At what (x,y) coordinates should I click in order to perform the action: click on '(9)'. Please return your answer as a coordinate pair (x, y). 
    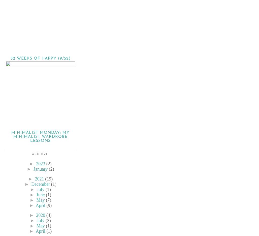
    Looking at the image, I should click on (46, 205).